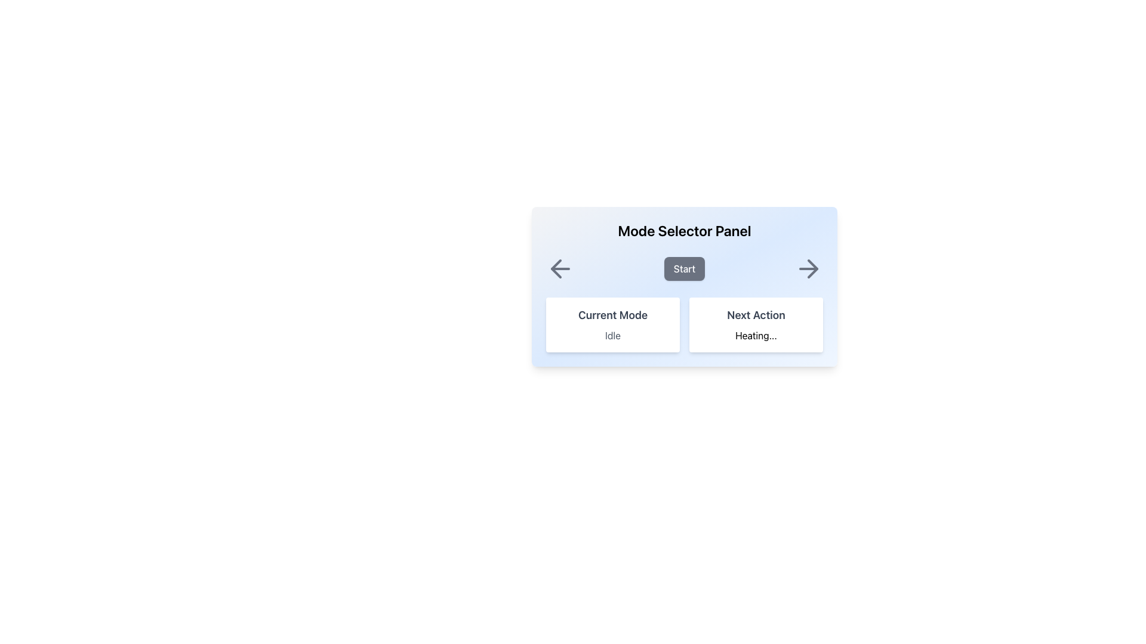  Describe the element at coordinates (685, 269) in the screenshot. I see `the Start button, which is a gray rectangular button with rounded corners and white text, to initiate an action` at that location.